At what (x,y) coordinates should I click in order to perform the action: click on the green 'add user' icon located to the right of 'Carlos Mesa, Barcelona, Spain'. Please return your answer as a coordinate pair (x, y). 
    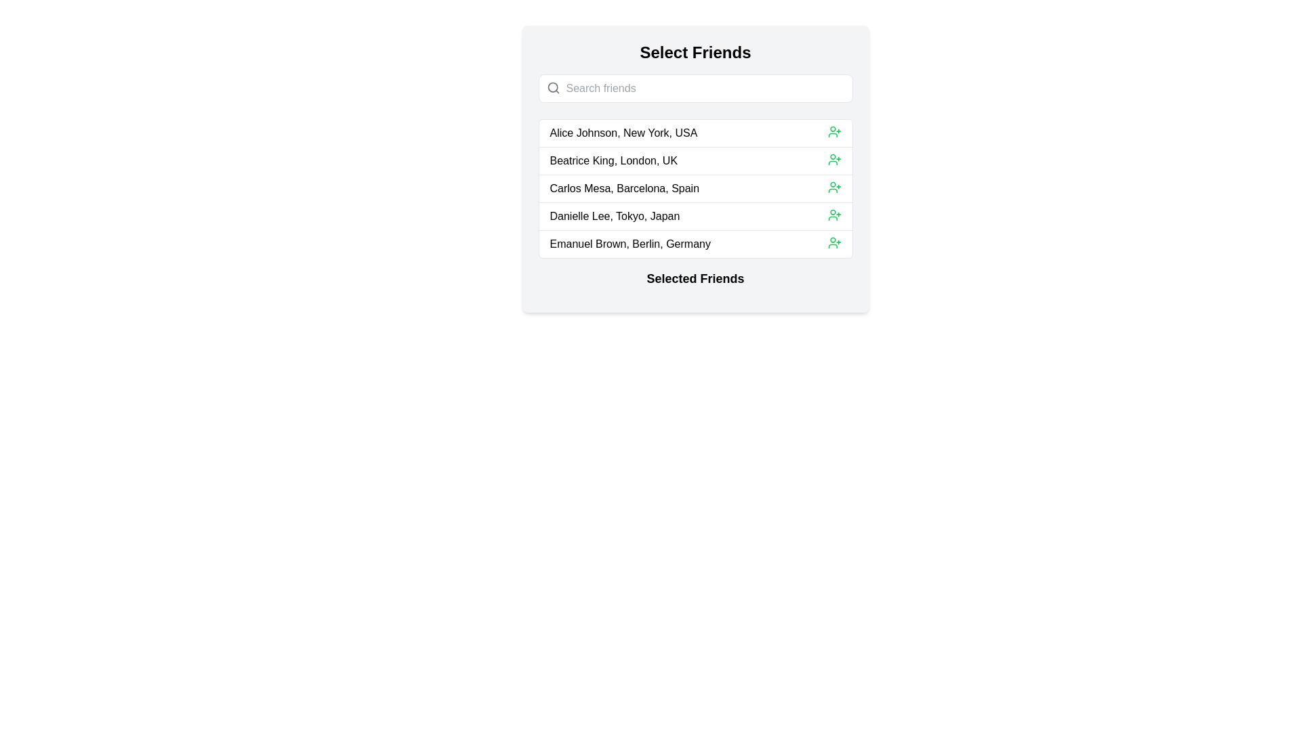
    Looking at the image, I should click on (833, 187).